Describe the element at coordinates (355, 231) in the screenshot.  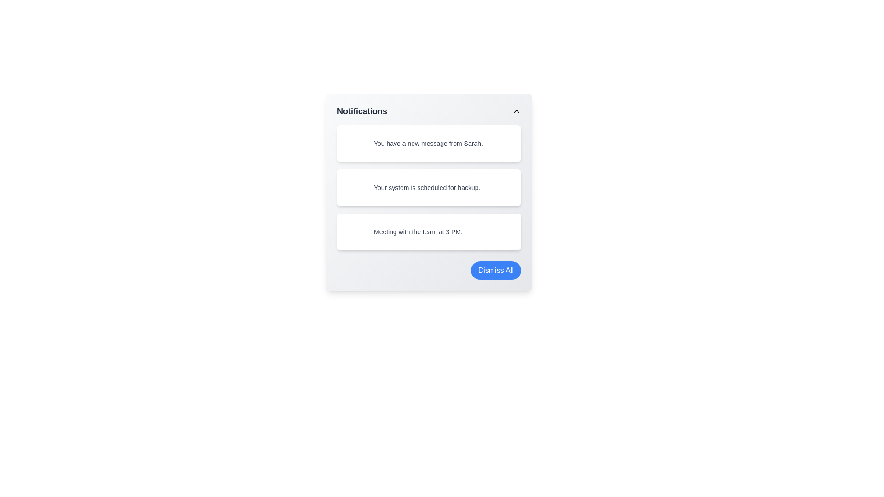
I see `the user silhouette icon within the circular button located in the third notification card labeled 'Meeting with the team at 3 PM.'` at that location.